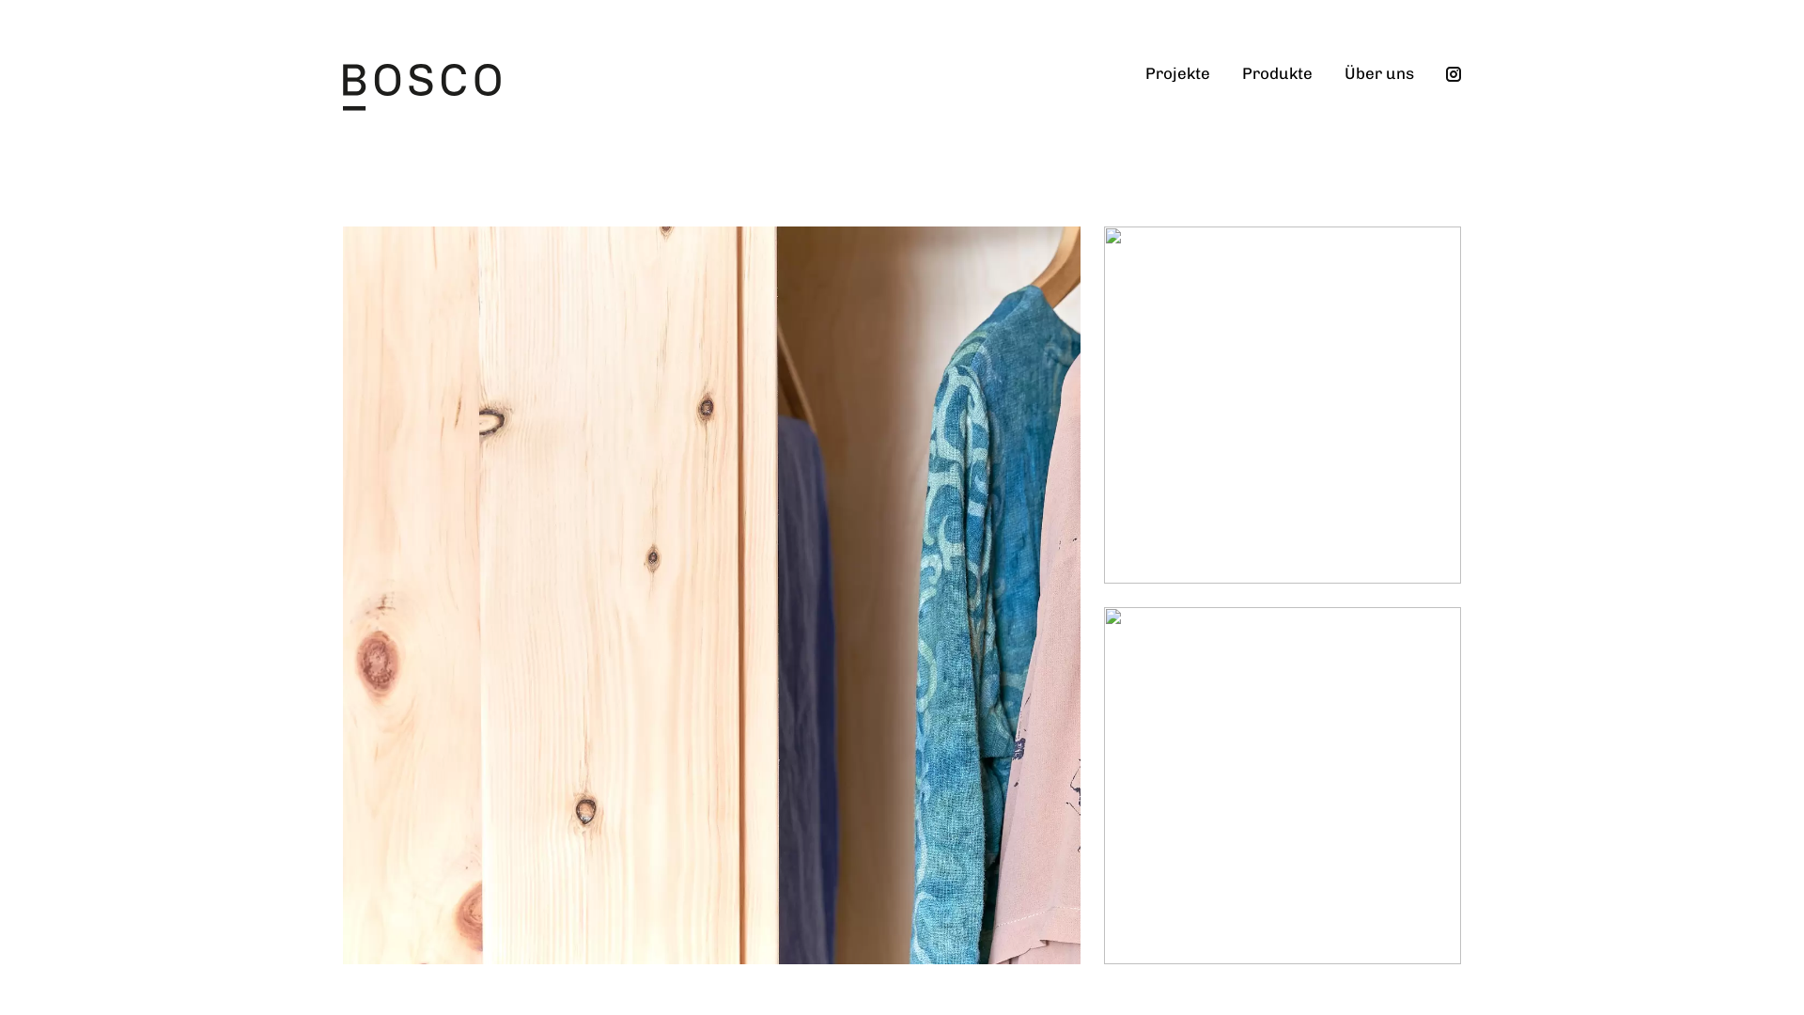 The image size is (1804, 1015). What do you see at coordinates (1127, 89) in the screenshot?
I see `'Projekte'` at bounding box center [1127, 89].